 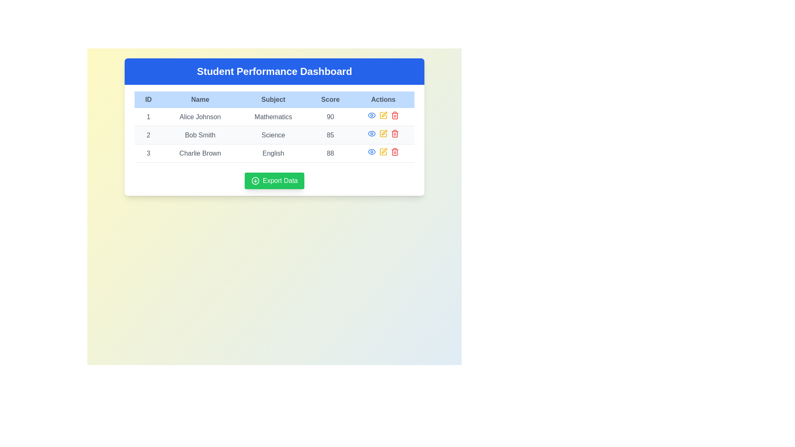 What do you see at coordinates (273, 117) in the screenshot?
I see `text displayed in the 'Mathematics' text label, which is part of a table in the third column of the first row, next to 'Alice Johnson' and '90'` at bounding box center [273, 117].